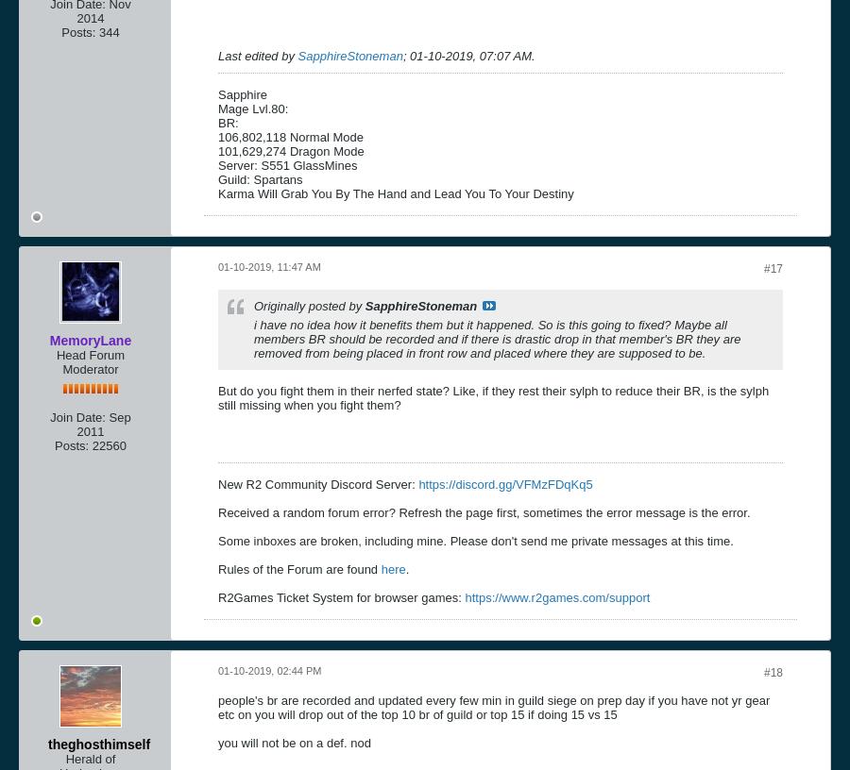 This screenshot has height=770, width=850. I want to click on 'BR:', so click(227, 122).